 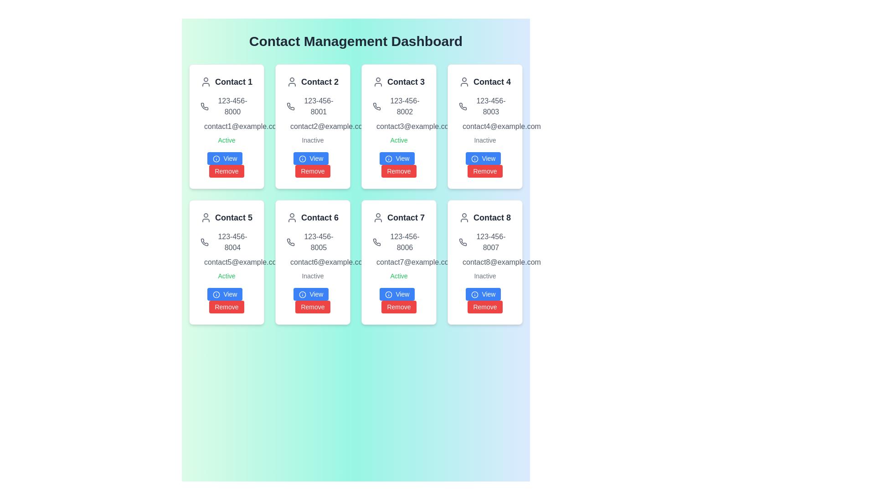 I want to click on text of the label displaying 'Contact 2' in bold font, located at the top of the second contact card in the dashboard grid, so click(x=313, y=82).